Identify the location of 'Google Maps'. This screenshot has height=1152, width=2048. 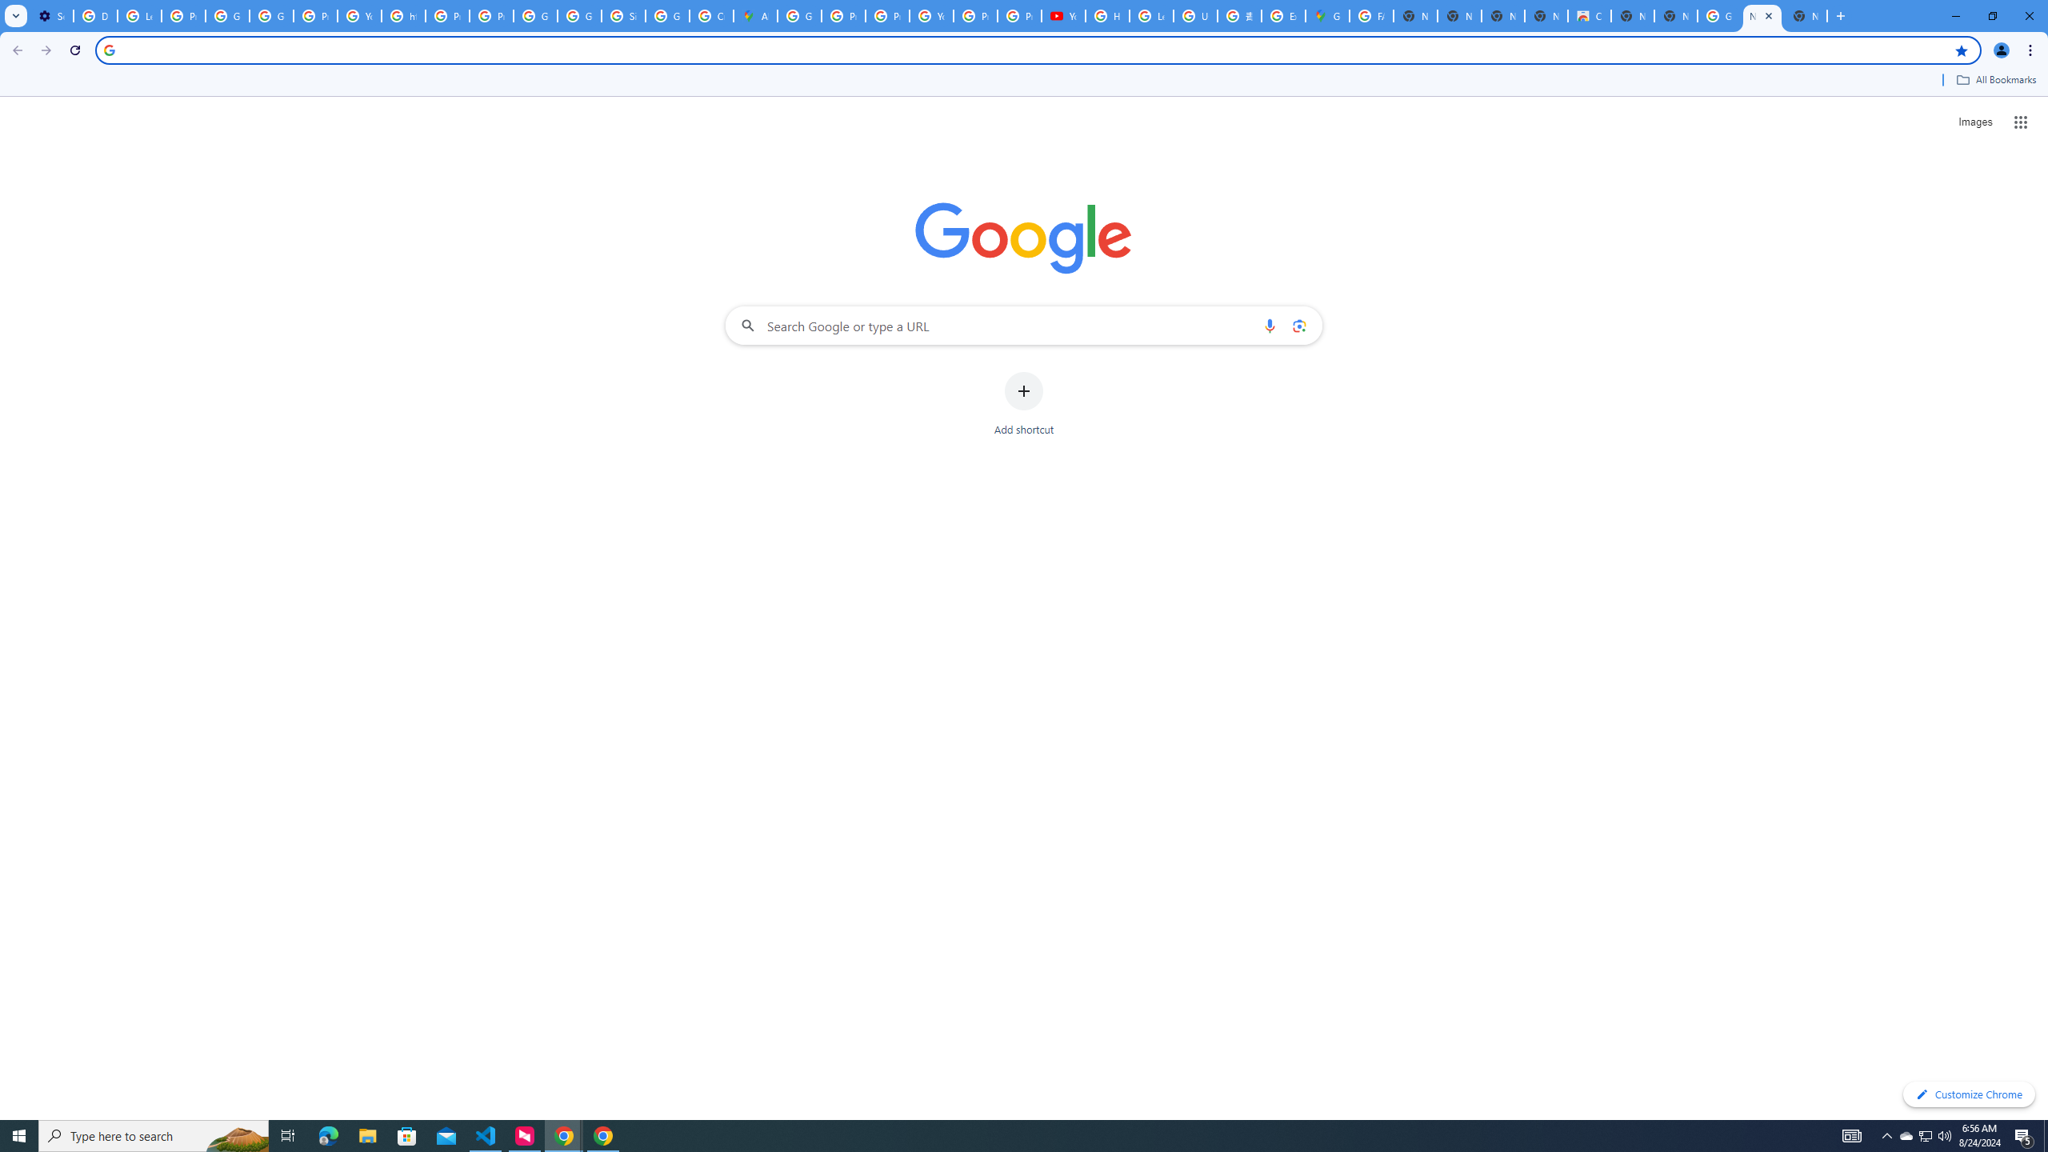
(1326, 15).